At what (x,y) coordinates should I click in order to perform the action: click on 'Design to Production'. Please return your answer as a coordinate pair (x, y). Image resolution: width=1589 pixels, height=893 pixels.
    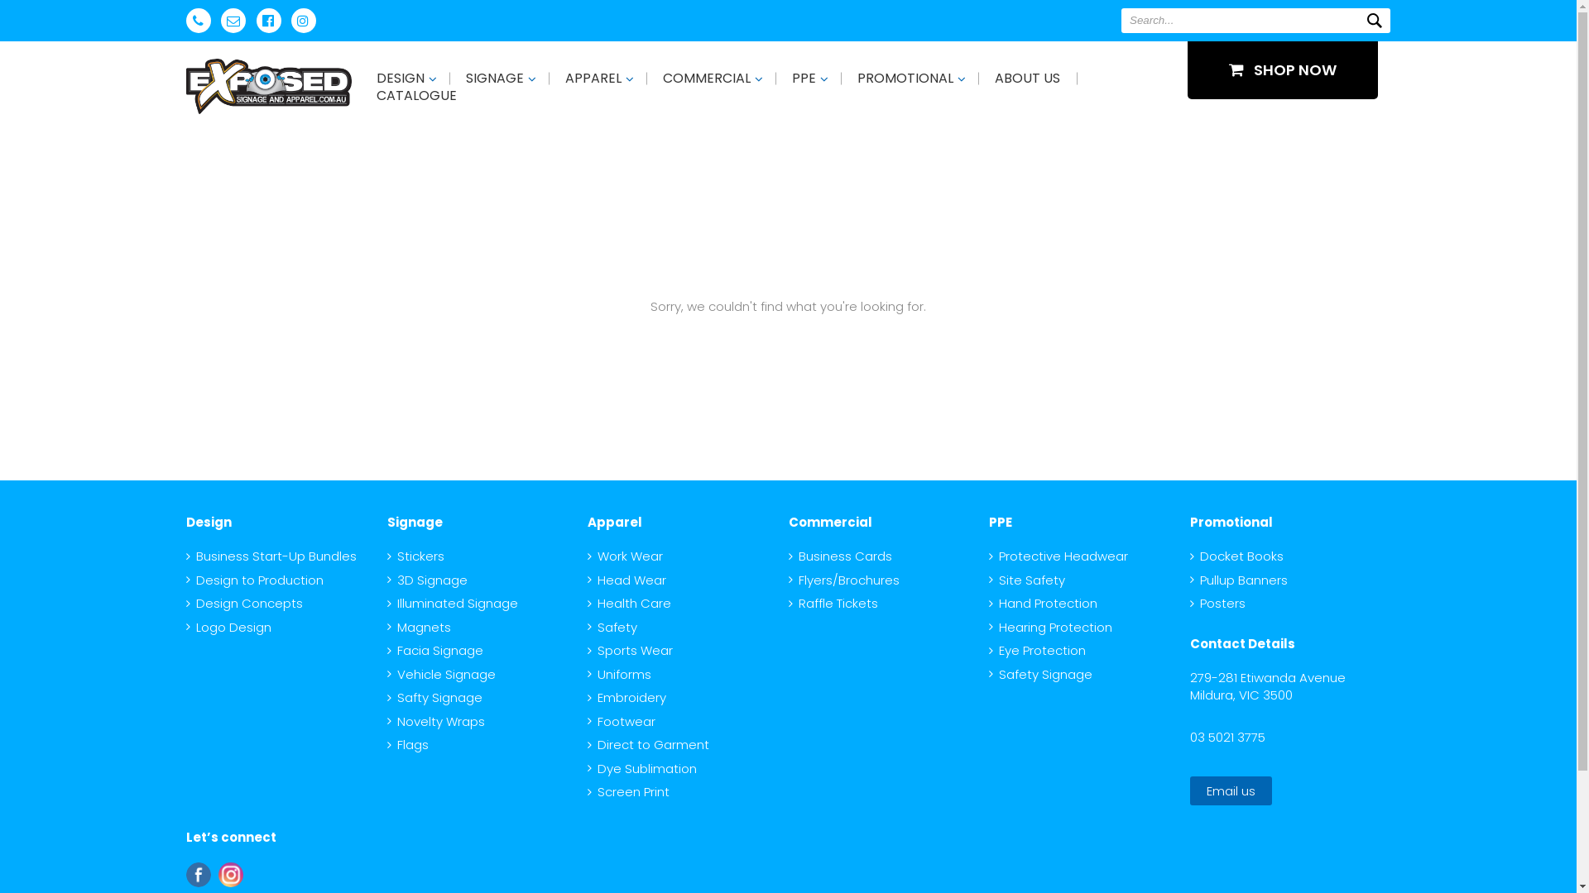
    Looking at the image, I should click on (253, 578).